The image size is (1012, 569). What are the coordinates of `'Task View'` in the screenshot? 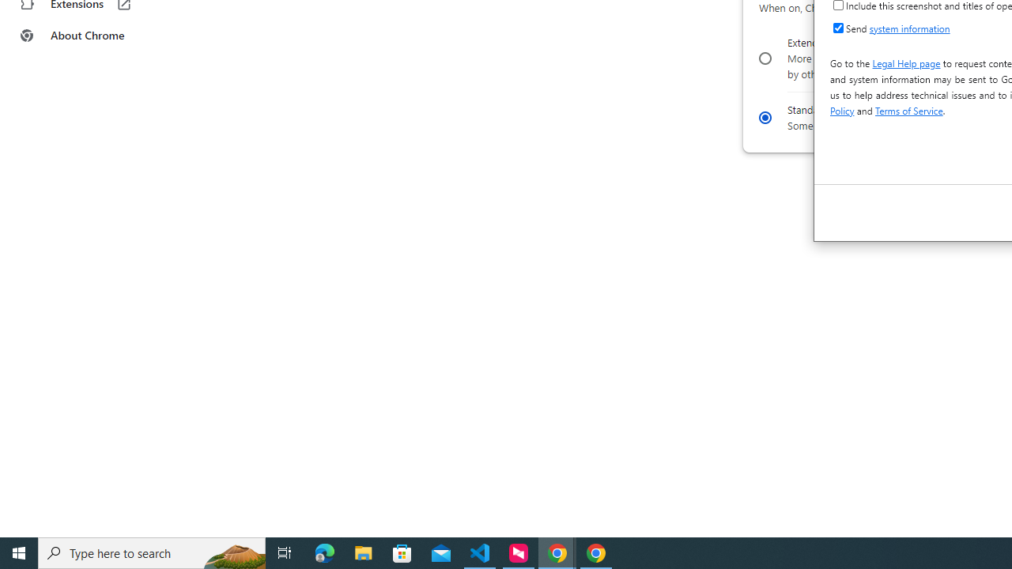 It's located at (284, 552).